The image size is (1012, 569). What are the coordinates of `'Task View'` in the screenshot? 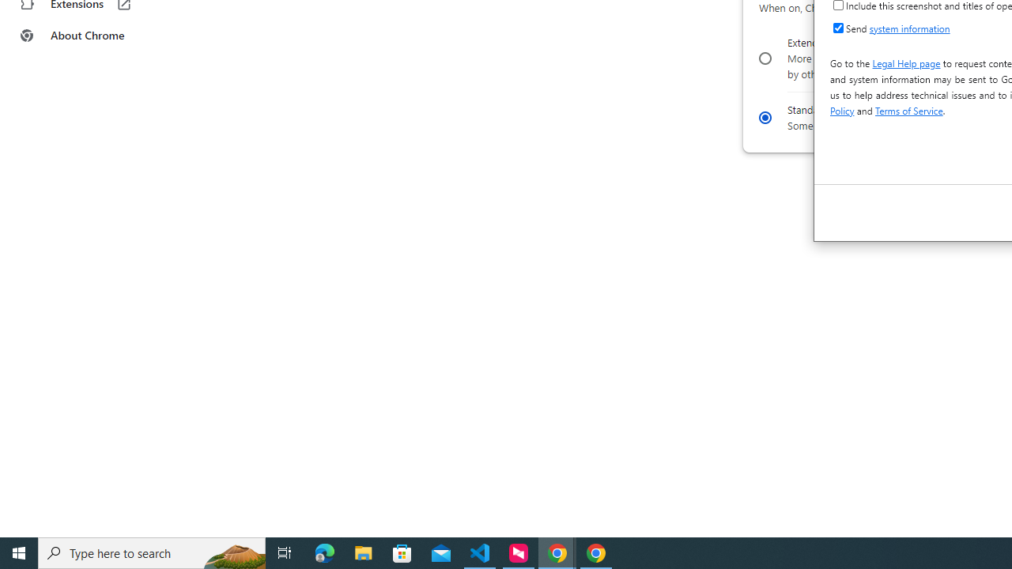 It's located at (284, 552).